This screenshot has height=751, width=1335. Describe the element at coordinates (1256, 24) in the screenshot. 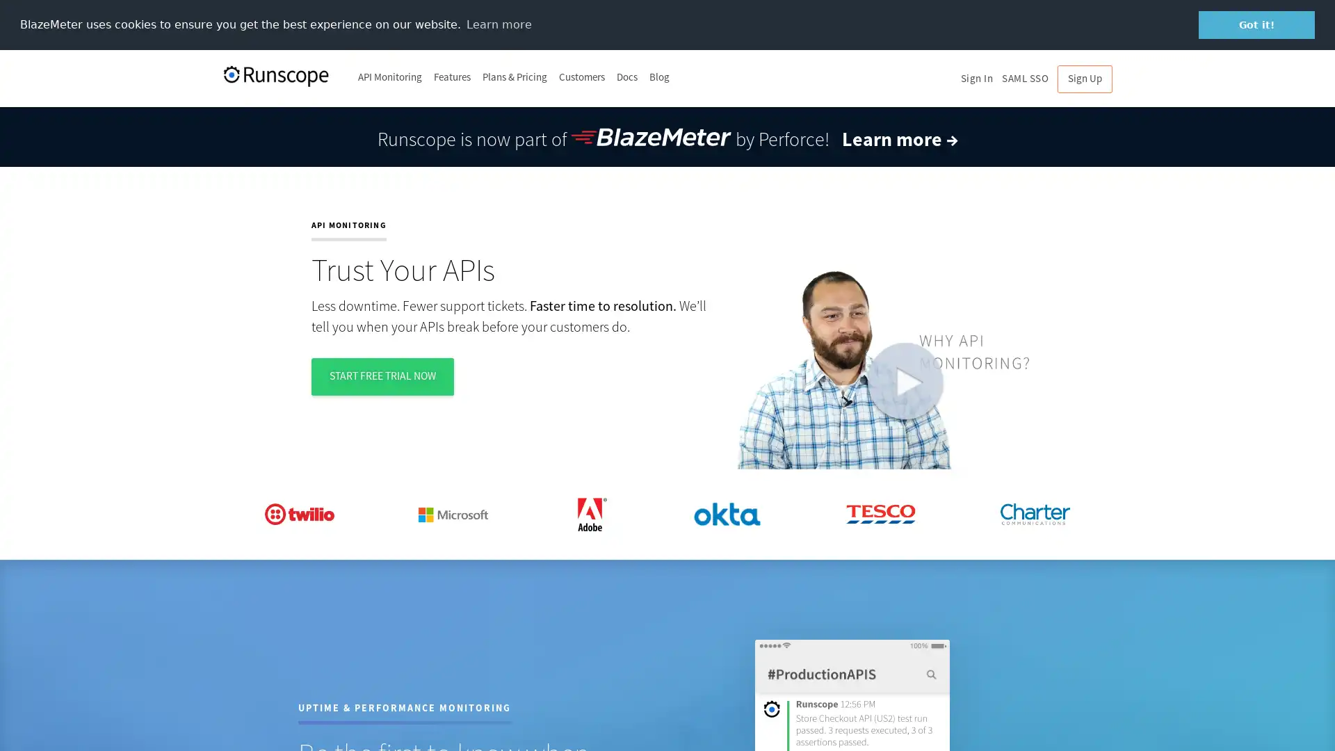

I see `dismiss cookie message` at that location.